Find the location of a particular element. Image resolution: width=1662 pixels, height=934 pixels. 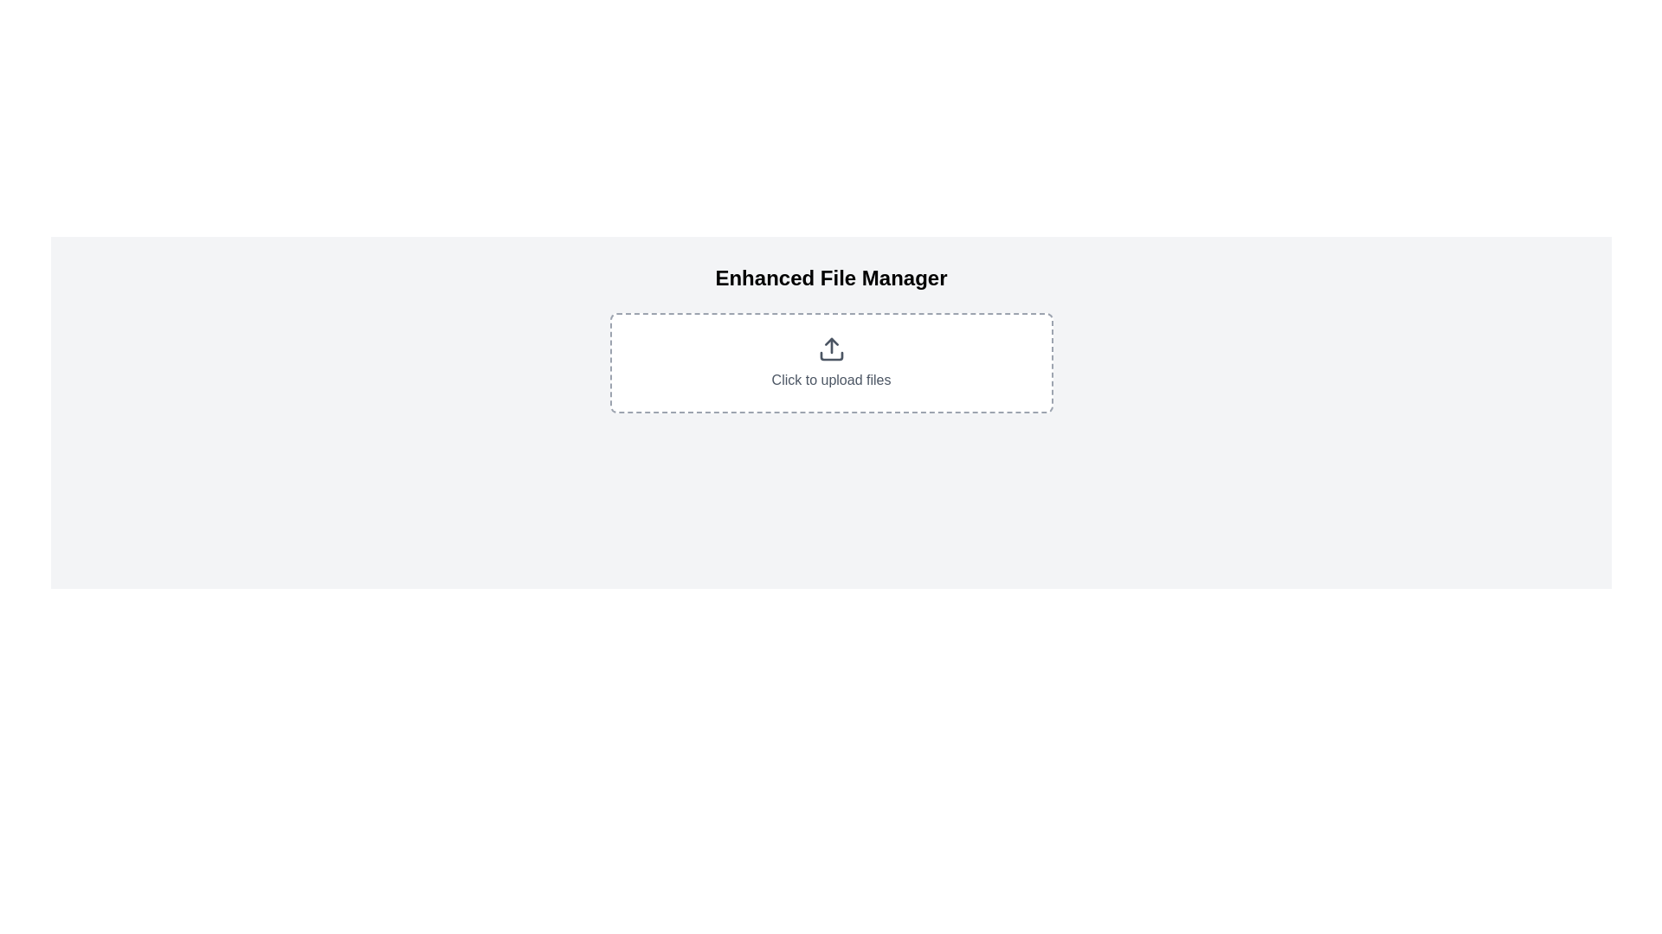

the minimalistic upload icon, styled with a thin stroke representing an upward arrow, located at the top of the upload panel labeled 'Click to upload files' is located at coordinates (831, 349).